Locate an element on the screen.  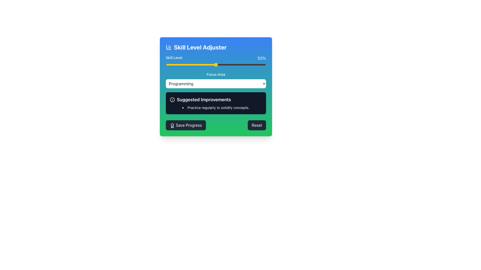
the skill level is located at coordinates (182, 64).